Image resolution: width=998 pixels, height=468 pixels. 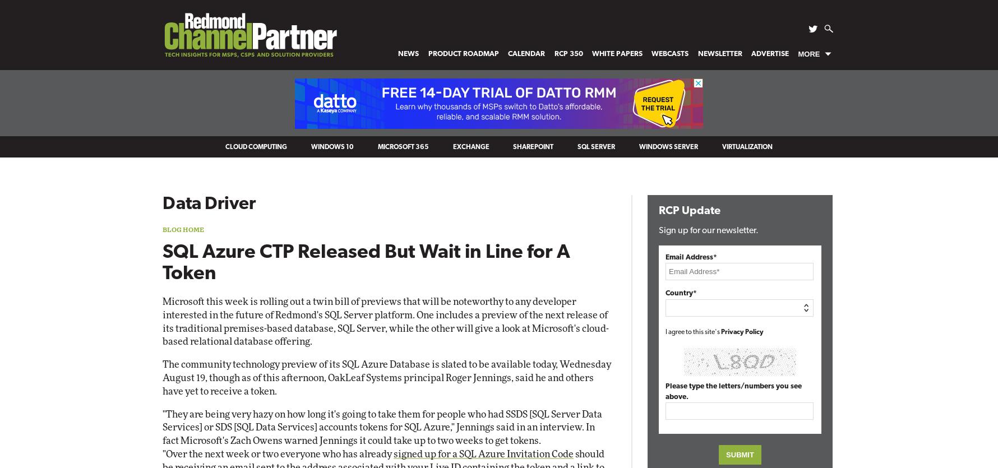 I want to click on 'Windows 10', so click(x=331, y=147).